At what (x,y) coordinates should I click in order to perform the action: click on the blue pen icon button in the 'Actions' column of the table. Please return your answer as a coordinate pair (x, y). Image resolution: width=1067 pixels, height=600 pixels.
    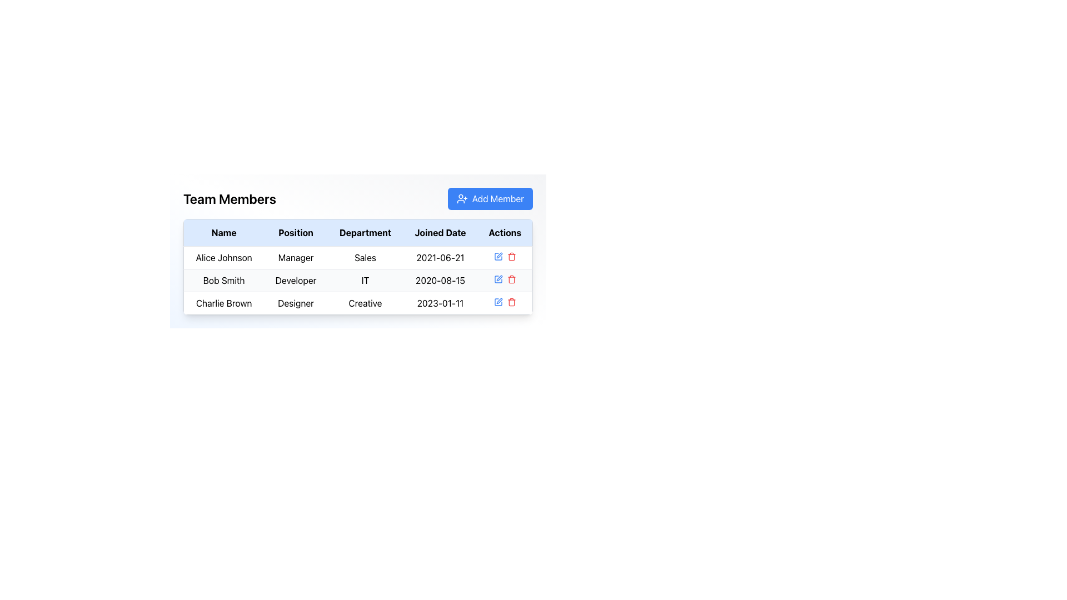
    Looking at the image, I should click on (497, 302).